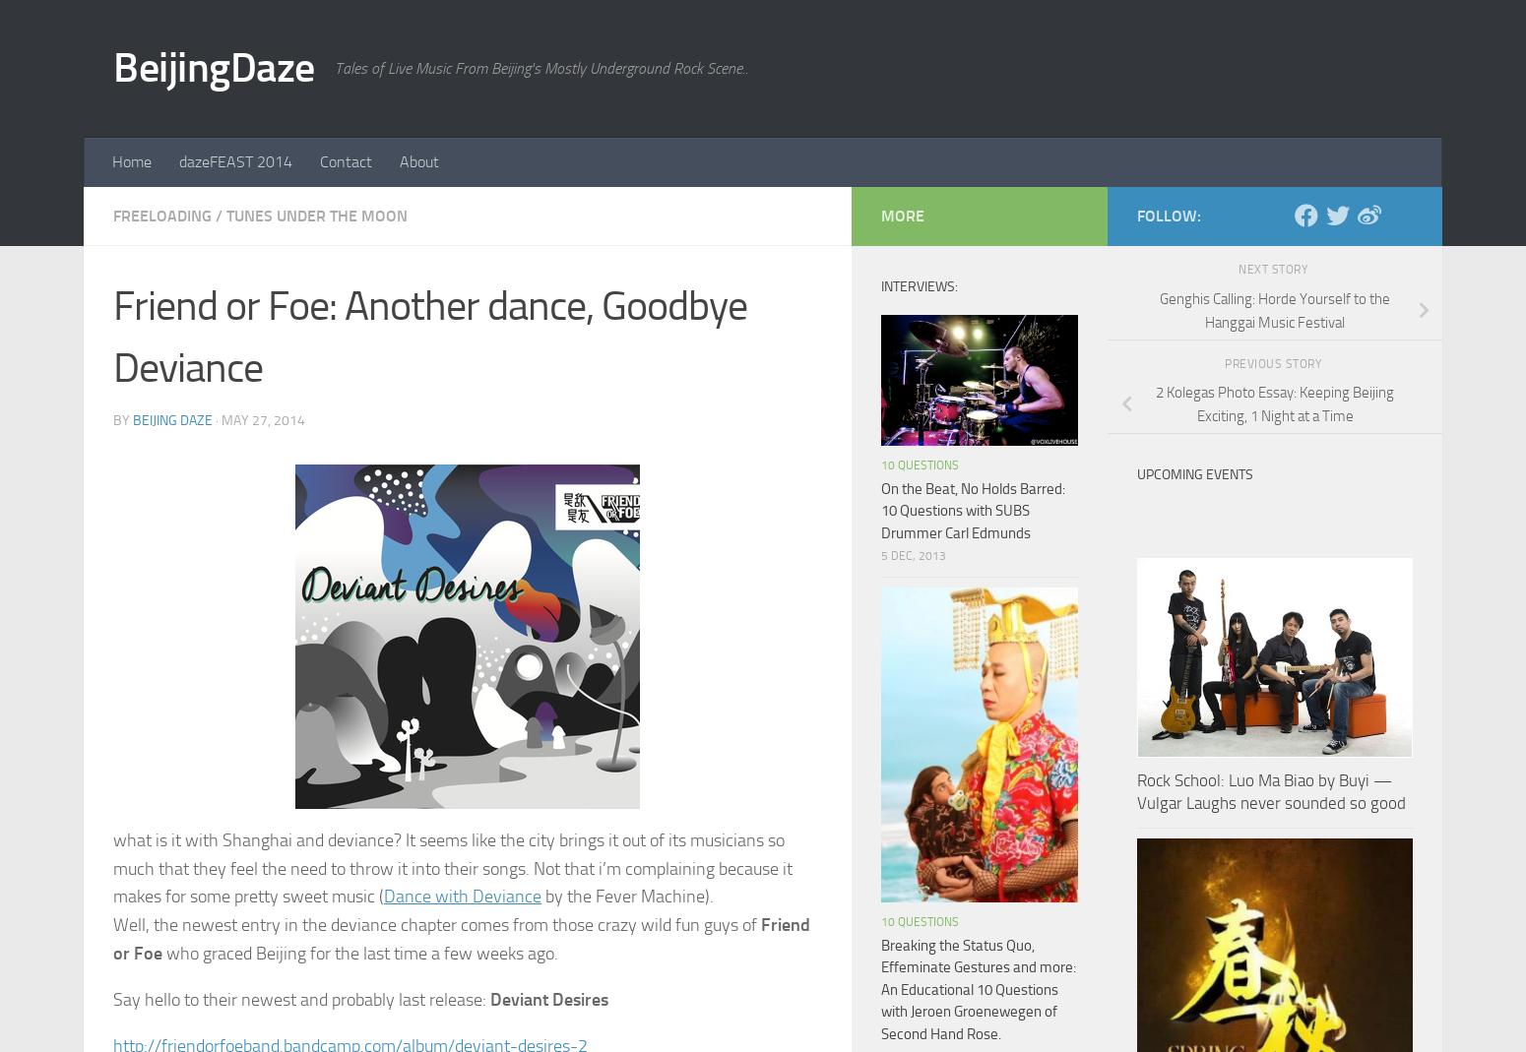  Describe the element at coordinates (263, 419) in the screenshot. I see `'May 27, 2014'` at that location.